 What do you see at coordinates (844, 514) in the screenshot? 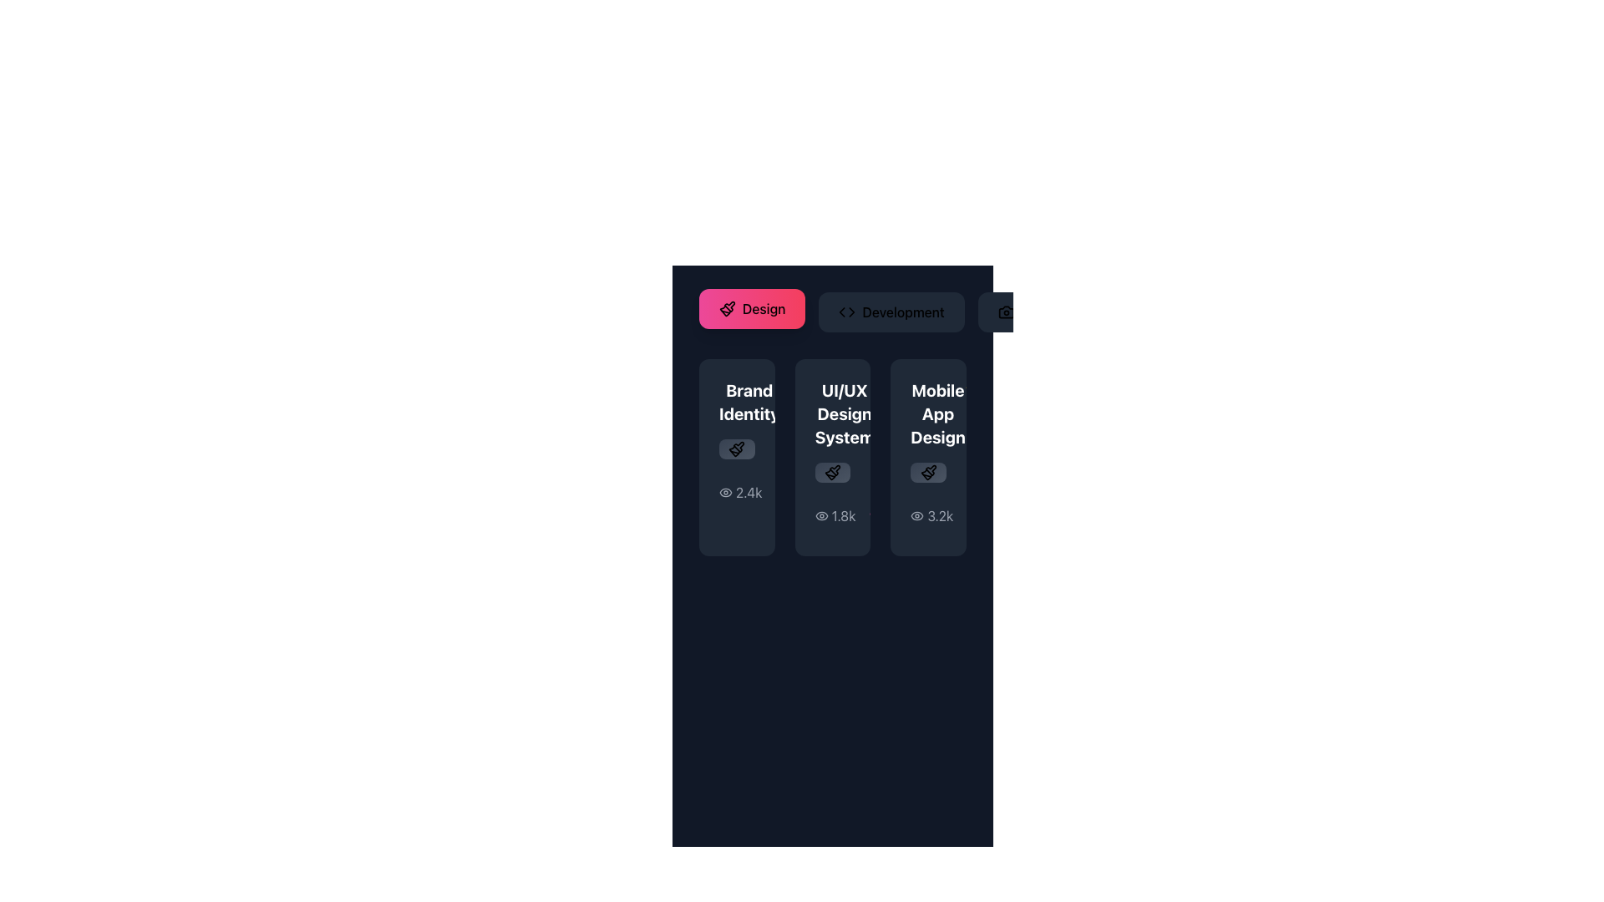
I see `the Text Label displaying '1.8k' which is located below the eye-shaped icon representing views in the 'UI/UX Design System' card` at bounding box center [844, 514].